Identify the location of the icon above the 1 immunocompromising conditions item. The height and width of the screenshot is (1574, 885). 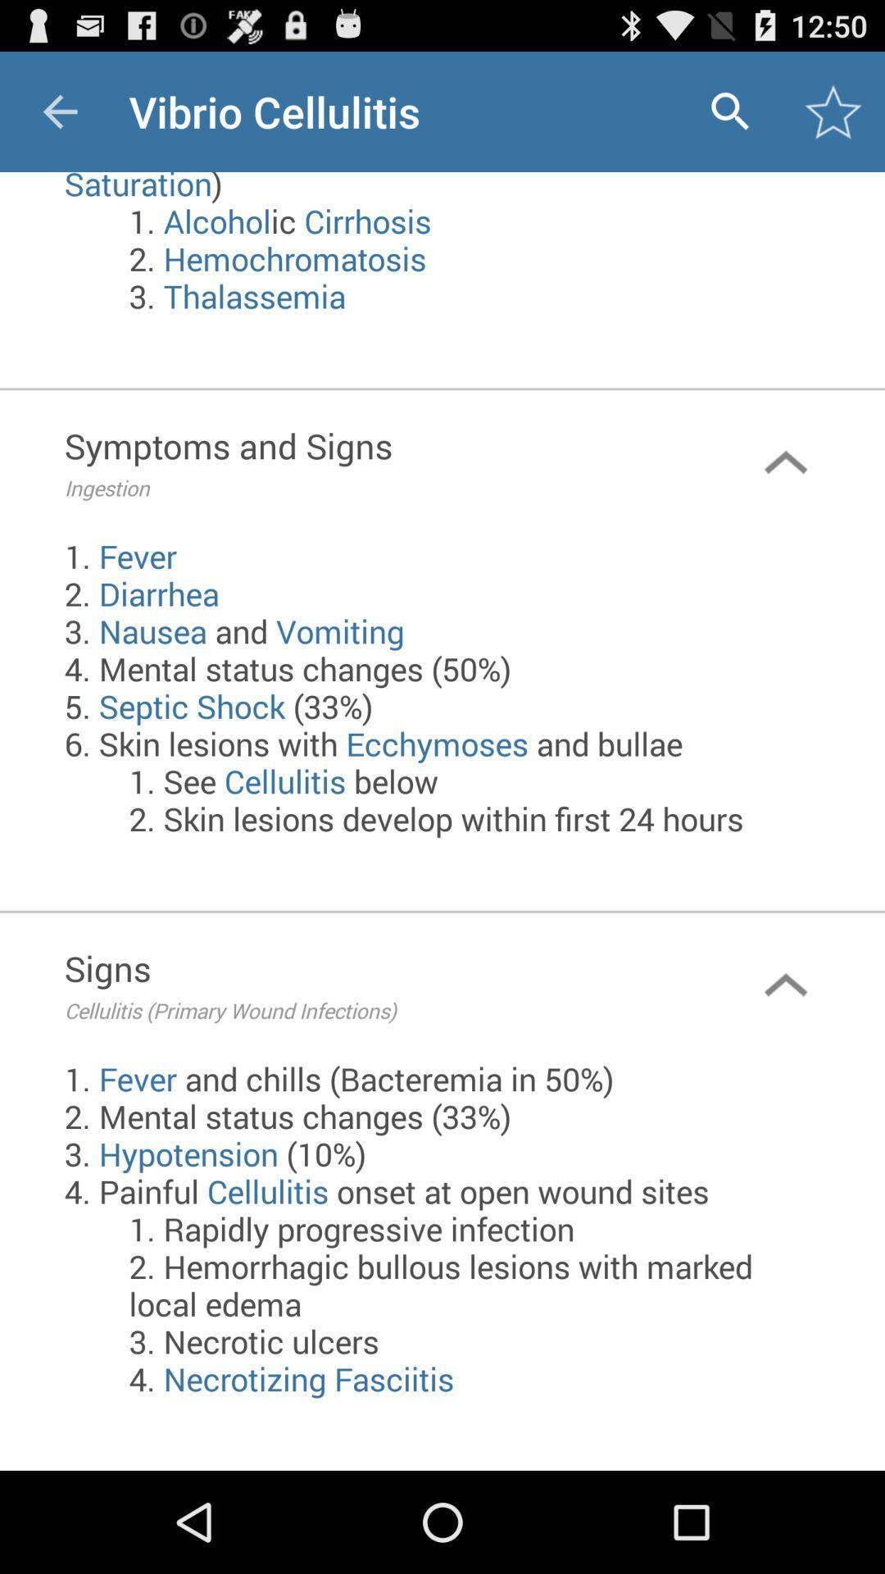
(833, 111).